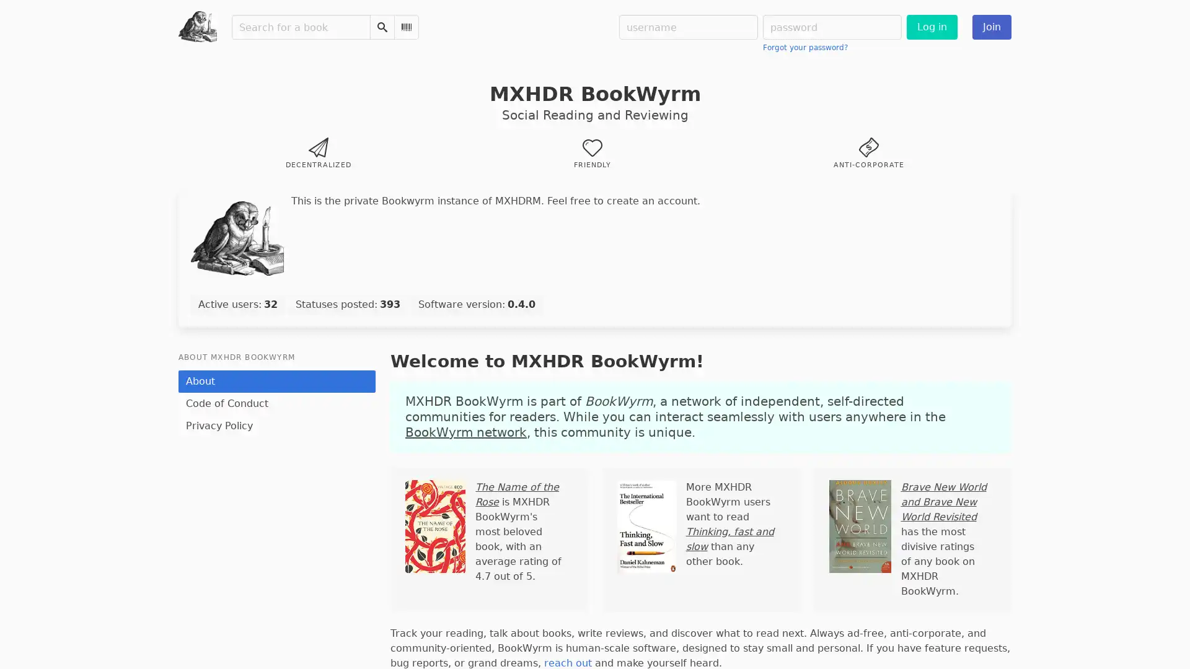  Describe the element at coordinates (382, 27) in the screenshot. I see `Search` at that location.